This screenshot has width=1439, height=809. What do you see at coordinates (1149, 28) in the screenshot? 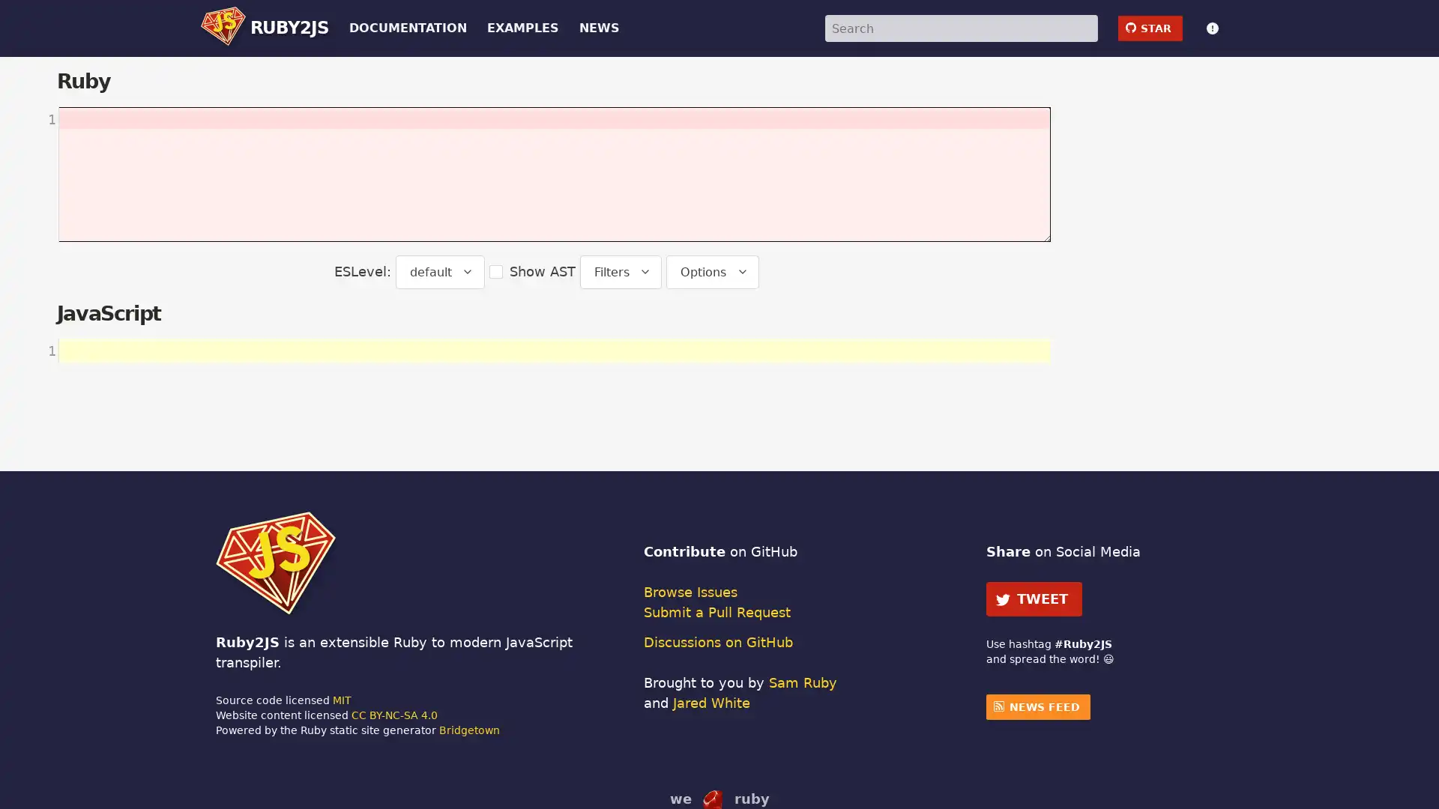
I see `github STAR` at bounding box center [1149, 28].